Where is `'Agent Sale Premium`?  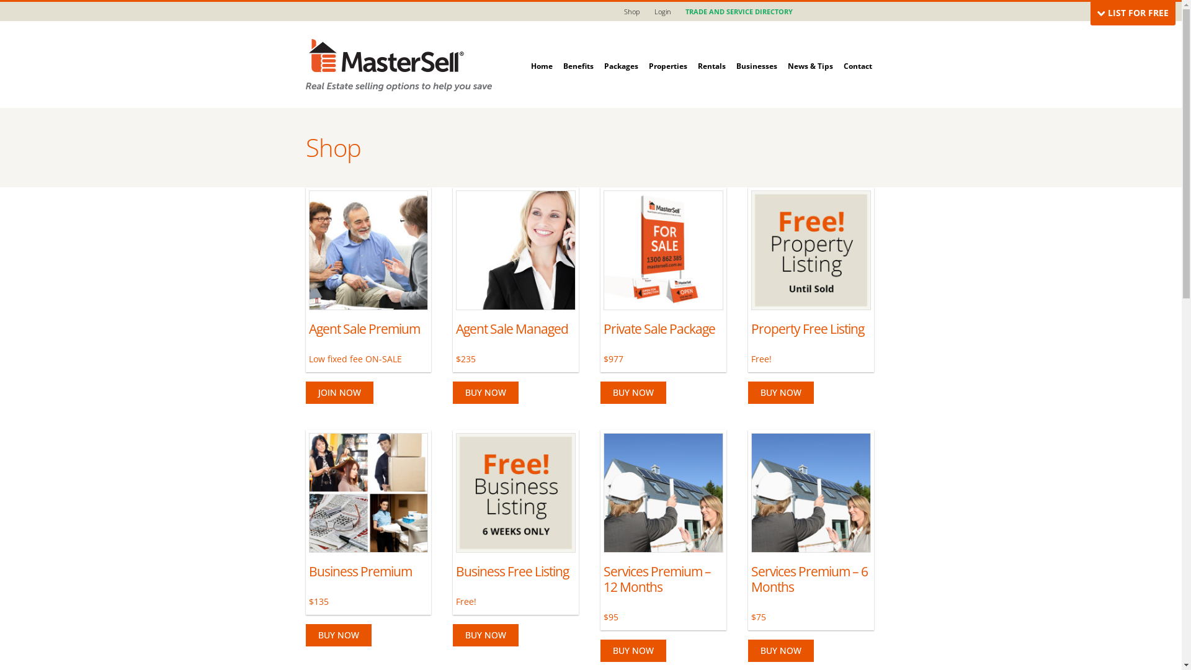
'Agent Sale Premium is located at coordinates (368, 277).